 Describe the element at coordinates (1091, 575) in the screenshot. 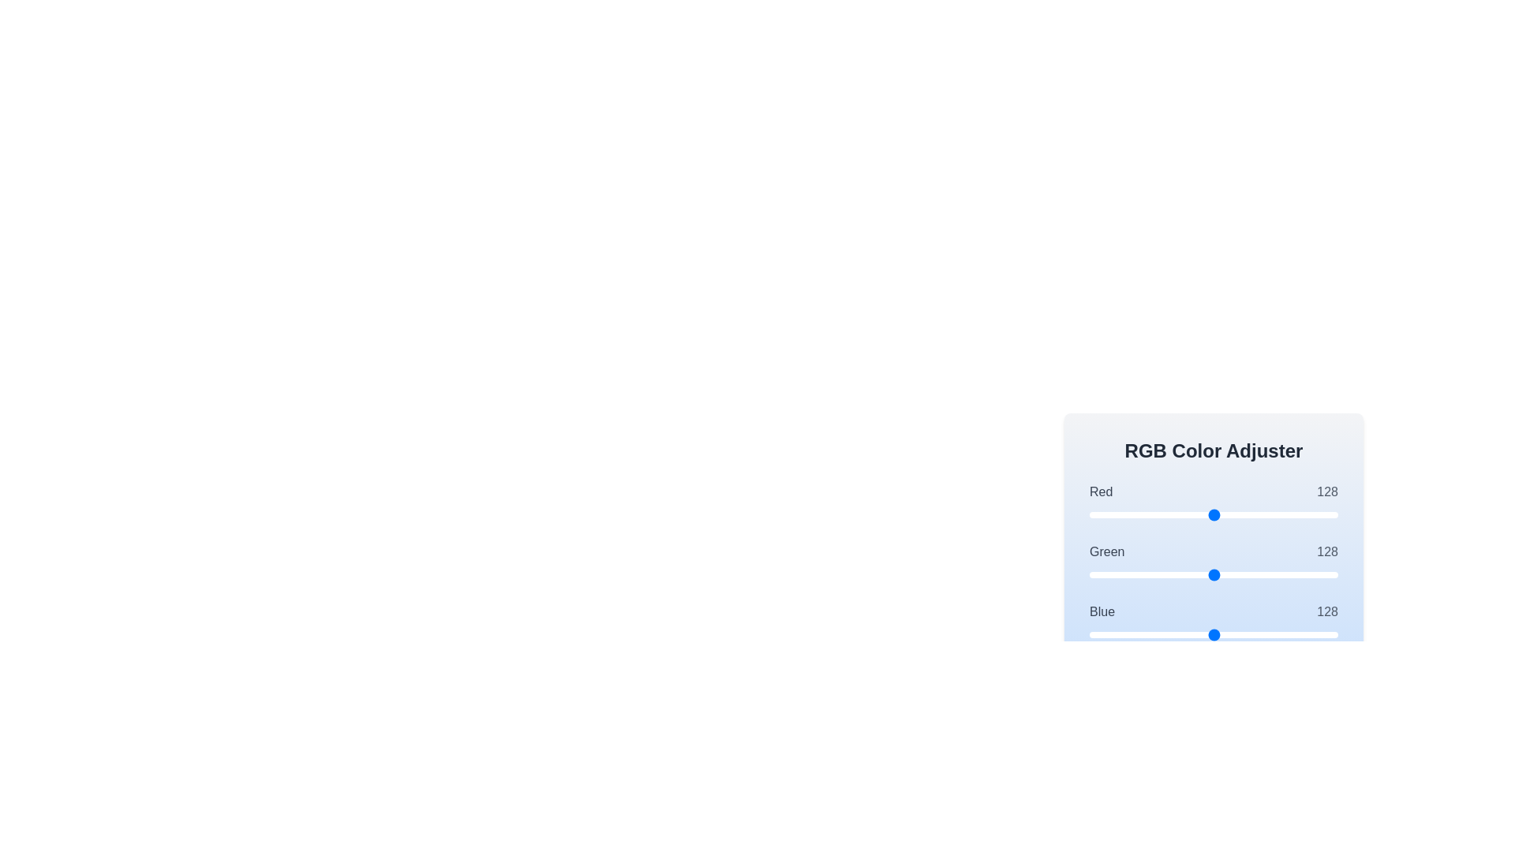

I see `the green slider to 3 where value is between 0 and 255` at that location.